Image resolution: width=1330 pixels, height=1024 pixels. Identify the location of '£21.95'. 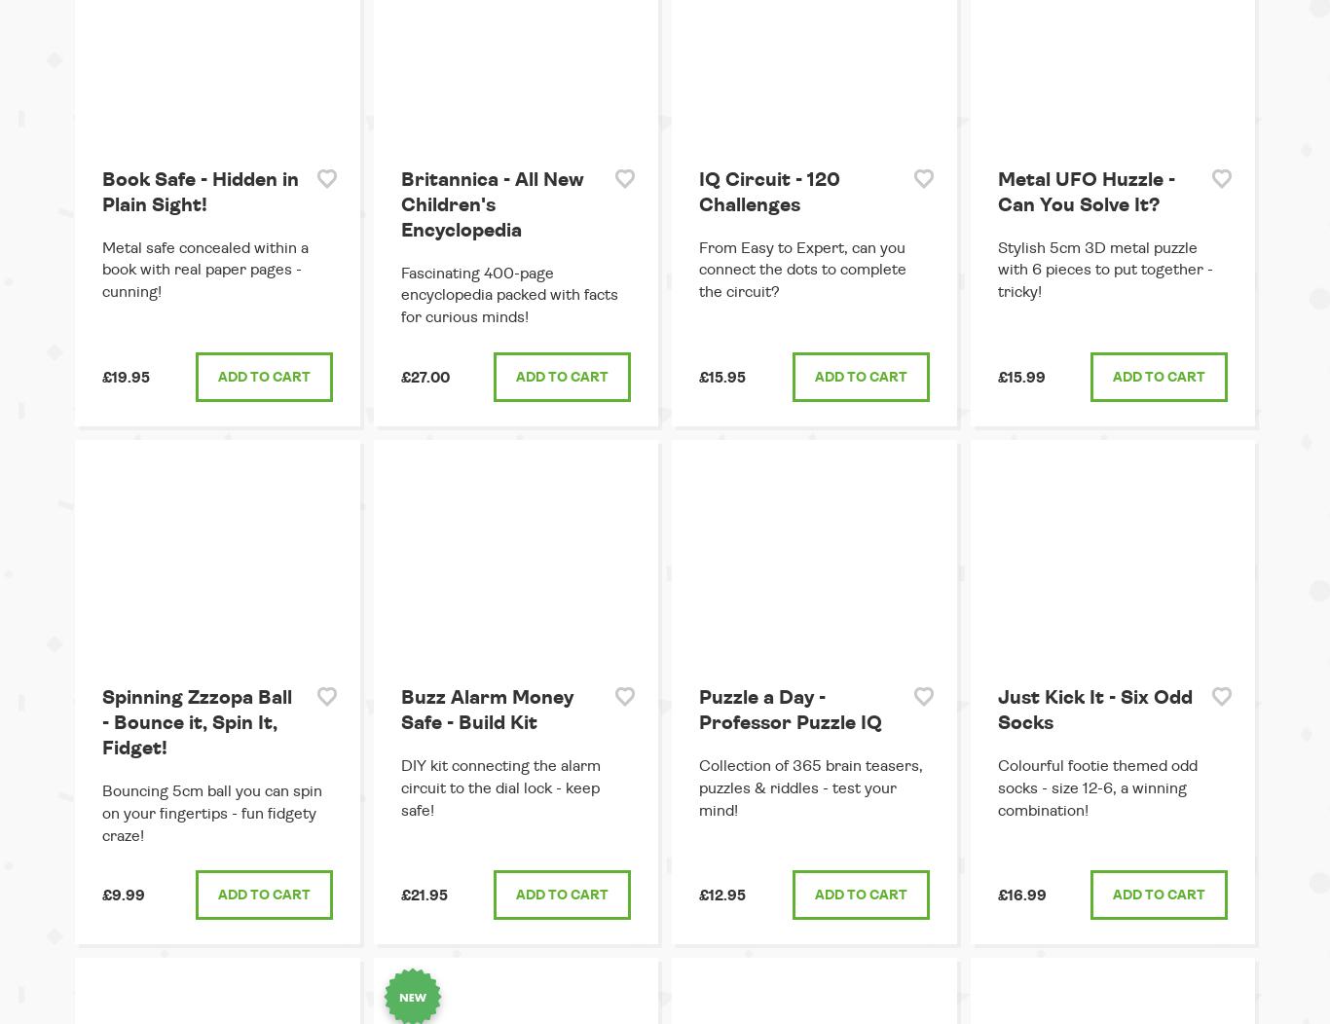
(422, 896).